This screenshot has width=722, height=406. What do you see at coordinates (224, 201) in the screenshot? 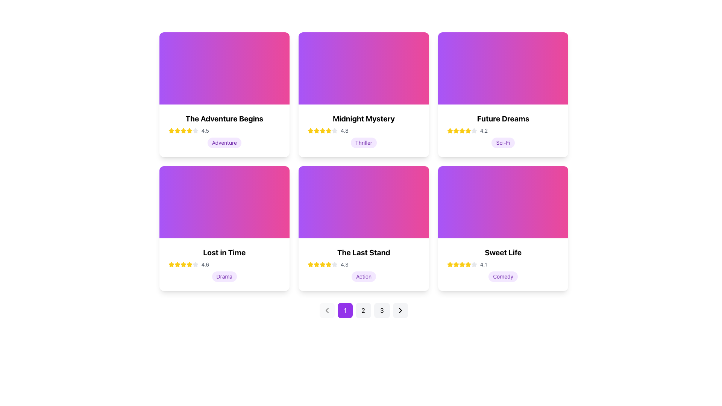
I see `the colorful background of the card labeled 'Lost in Time', which is positioned at the top half of the card` at bounding box center [224, 201].